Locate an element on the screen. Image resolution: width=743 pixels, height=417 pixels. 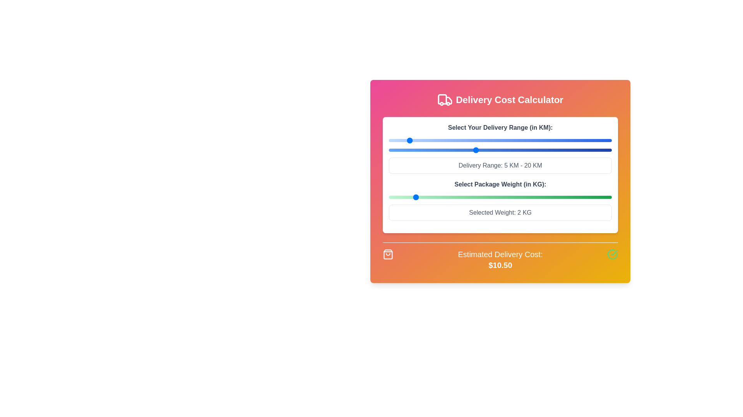
the delivery range is located at coordinates (571, 140).